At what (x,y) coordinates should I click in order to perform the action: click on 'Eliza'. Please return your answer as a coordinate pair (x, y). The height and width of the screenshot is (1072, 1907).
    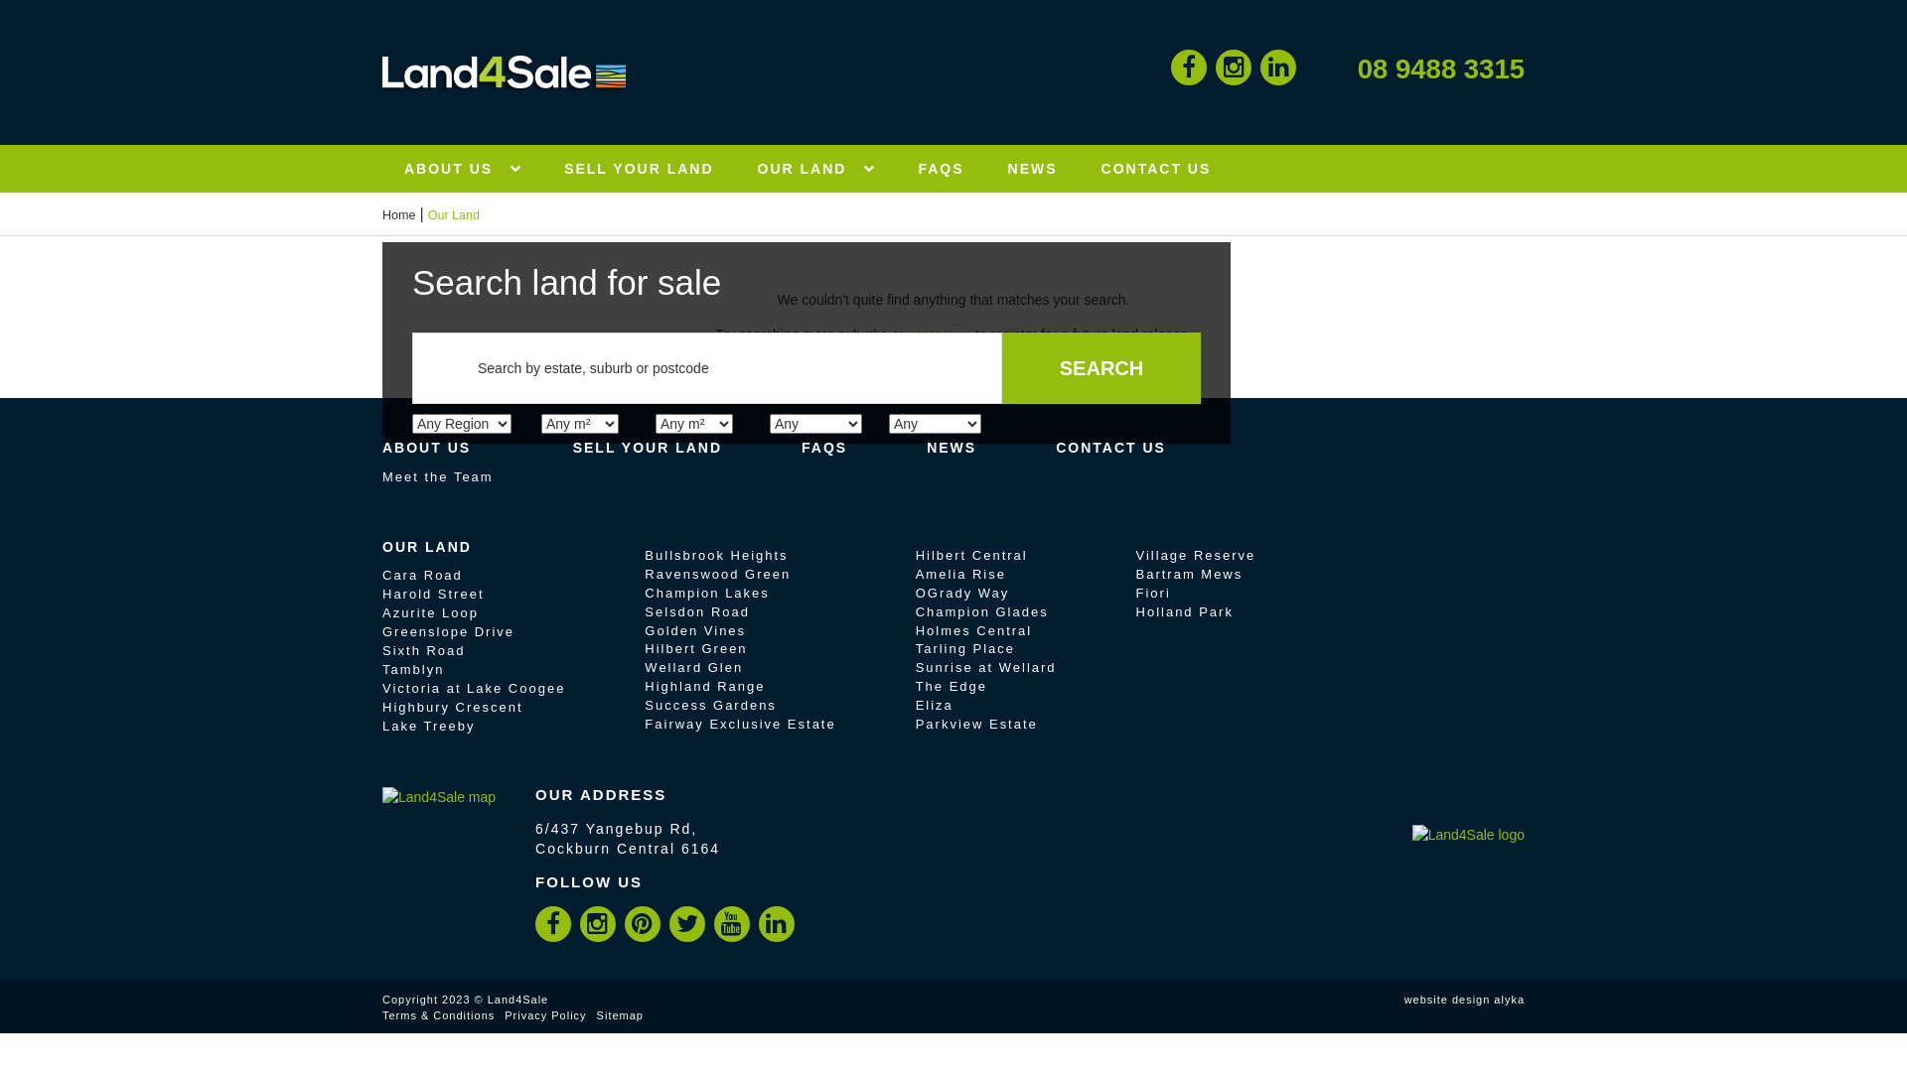
    Looking at the image, I should click on (933, 704).